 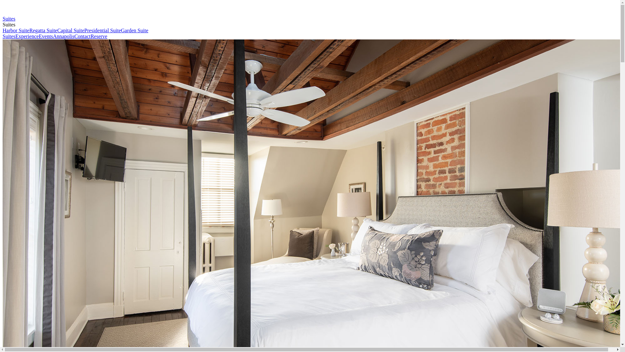 What do you see at coordinates (98, 36) in the screenshot?
I see `'Reserve'` at bounding box center [98, 36].